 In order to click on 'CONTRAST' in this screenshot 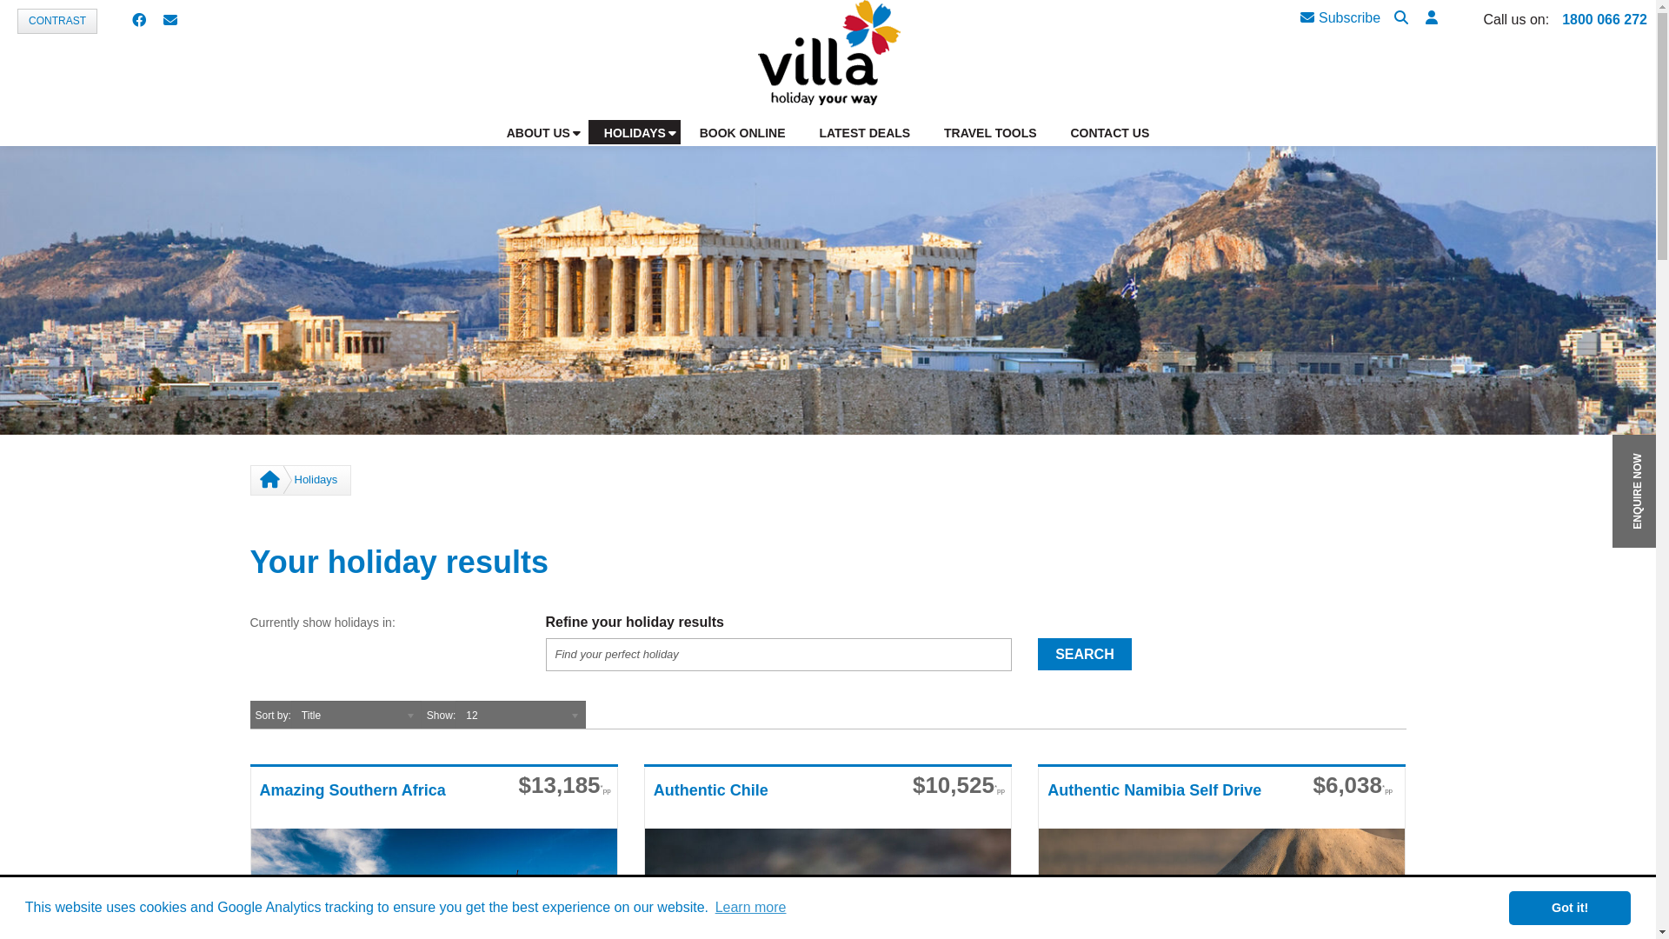, I will do `click(57, 21)`.